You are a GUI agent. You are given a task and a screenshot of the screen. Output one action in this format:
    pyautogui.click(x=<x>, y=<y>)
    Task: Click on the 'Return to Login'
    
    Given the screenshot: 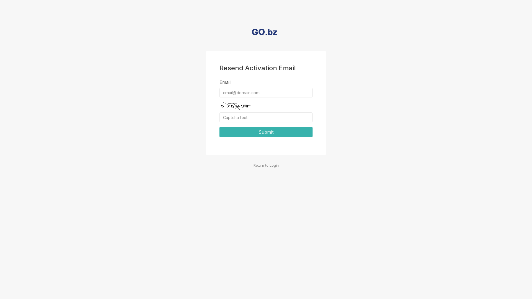 What is the action you would take?
    pyautogui.click(x=265, y=165)
    